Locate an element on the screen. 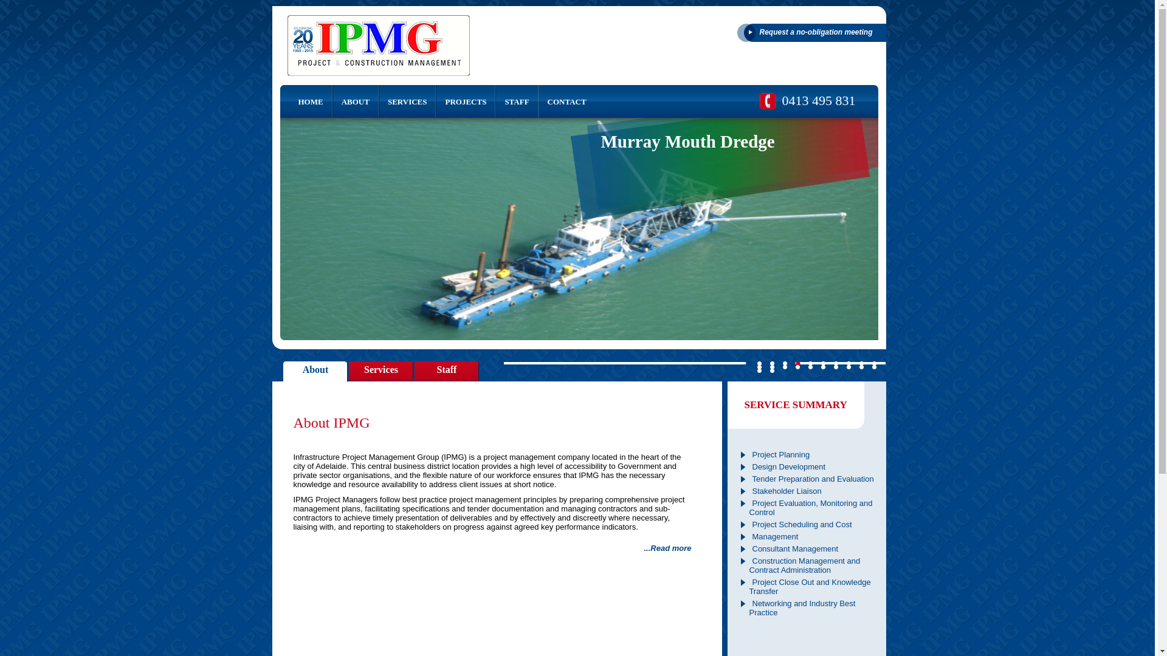 This screenshot has height=656, width=1167. 'SERVICES' is located at coordinates (407, 100).